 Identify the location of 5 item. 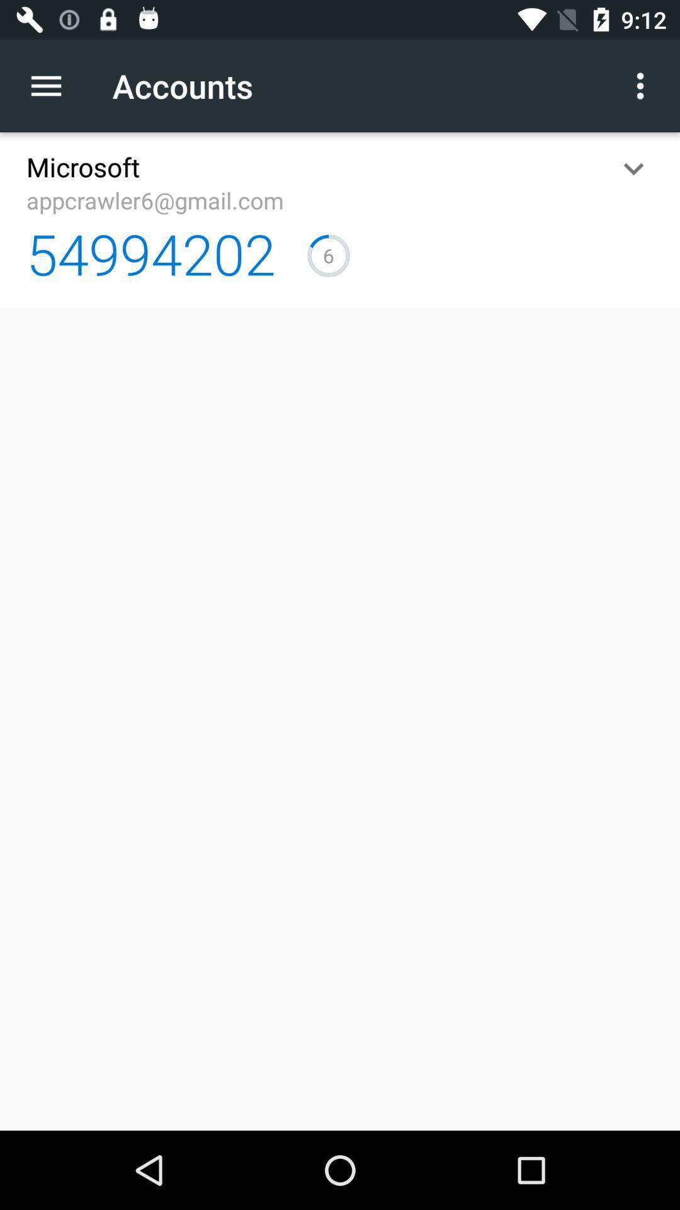
(327, 255).